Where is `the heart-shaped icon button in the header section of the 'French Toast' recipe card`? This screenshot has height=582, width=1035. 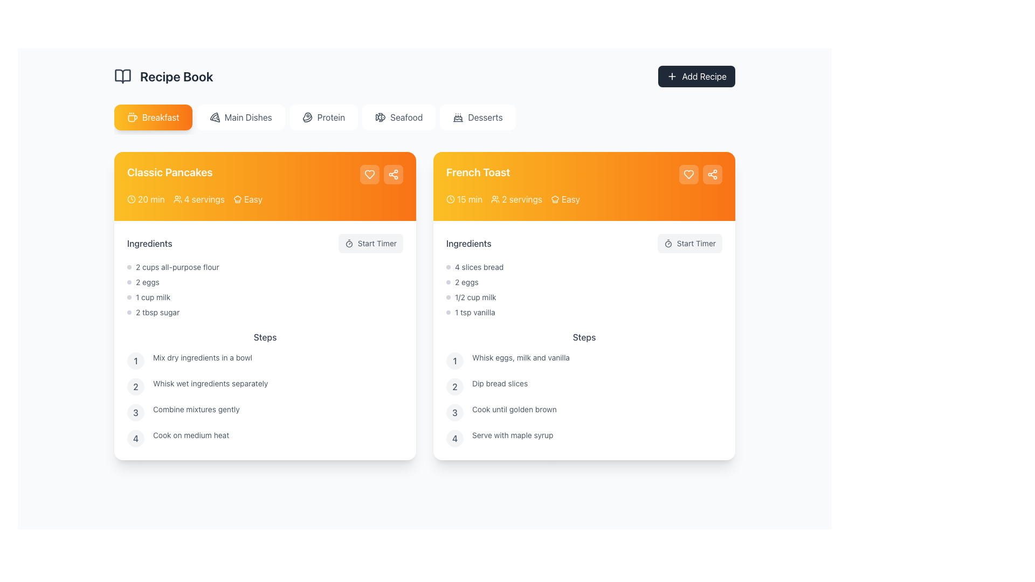 the heart-shaped icon button in the header section of the 'French Toast' recipe card is located at coordinates (688, 174).